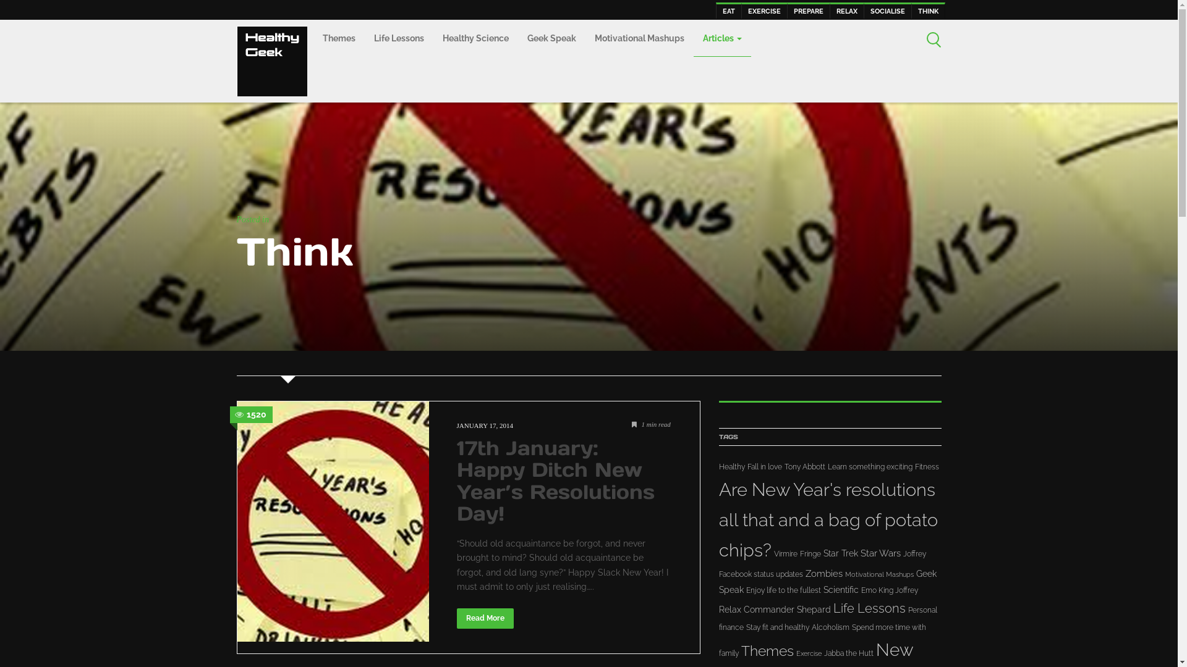 The width and height of the screenshot is (1187, 667). Describe the element at coordinates (764, 467) in the screenshot. I see `'Fall in love'` at that location.